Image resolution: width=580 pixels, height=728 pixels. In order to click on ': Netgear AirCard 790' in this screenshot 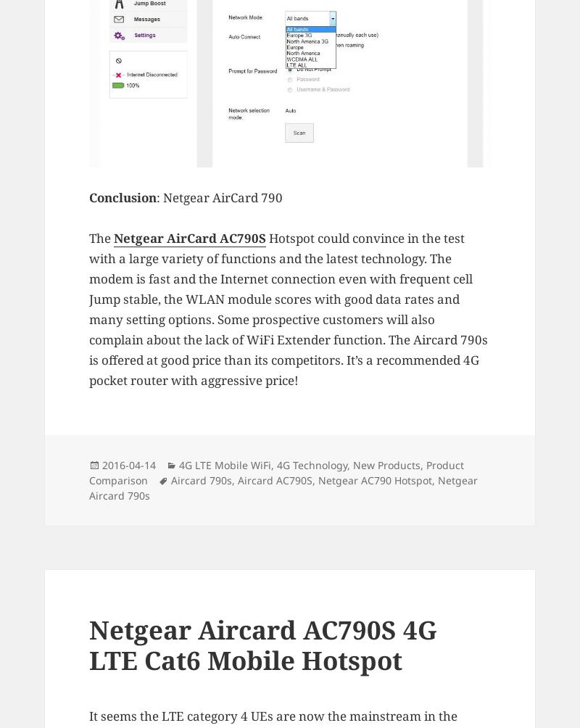, I will do `click(219, 197)`.